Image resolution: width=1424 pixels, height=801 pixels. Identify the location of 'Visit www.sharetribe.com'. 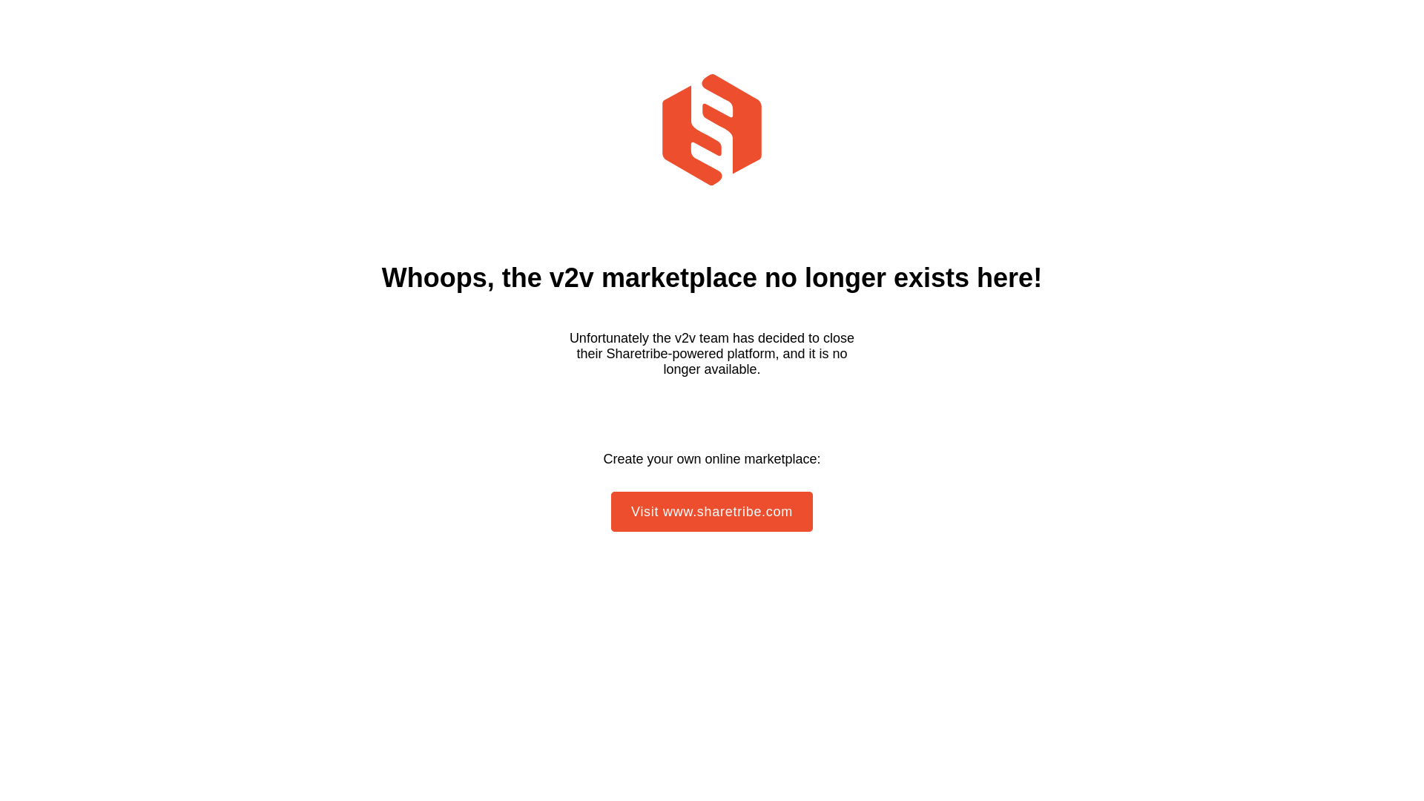
(712, 511).